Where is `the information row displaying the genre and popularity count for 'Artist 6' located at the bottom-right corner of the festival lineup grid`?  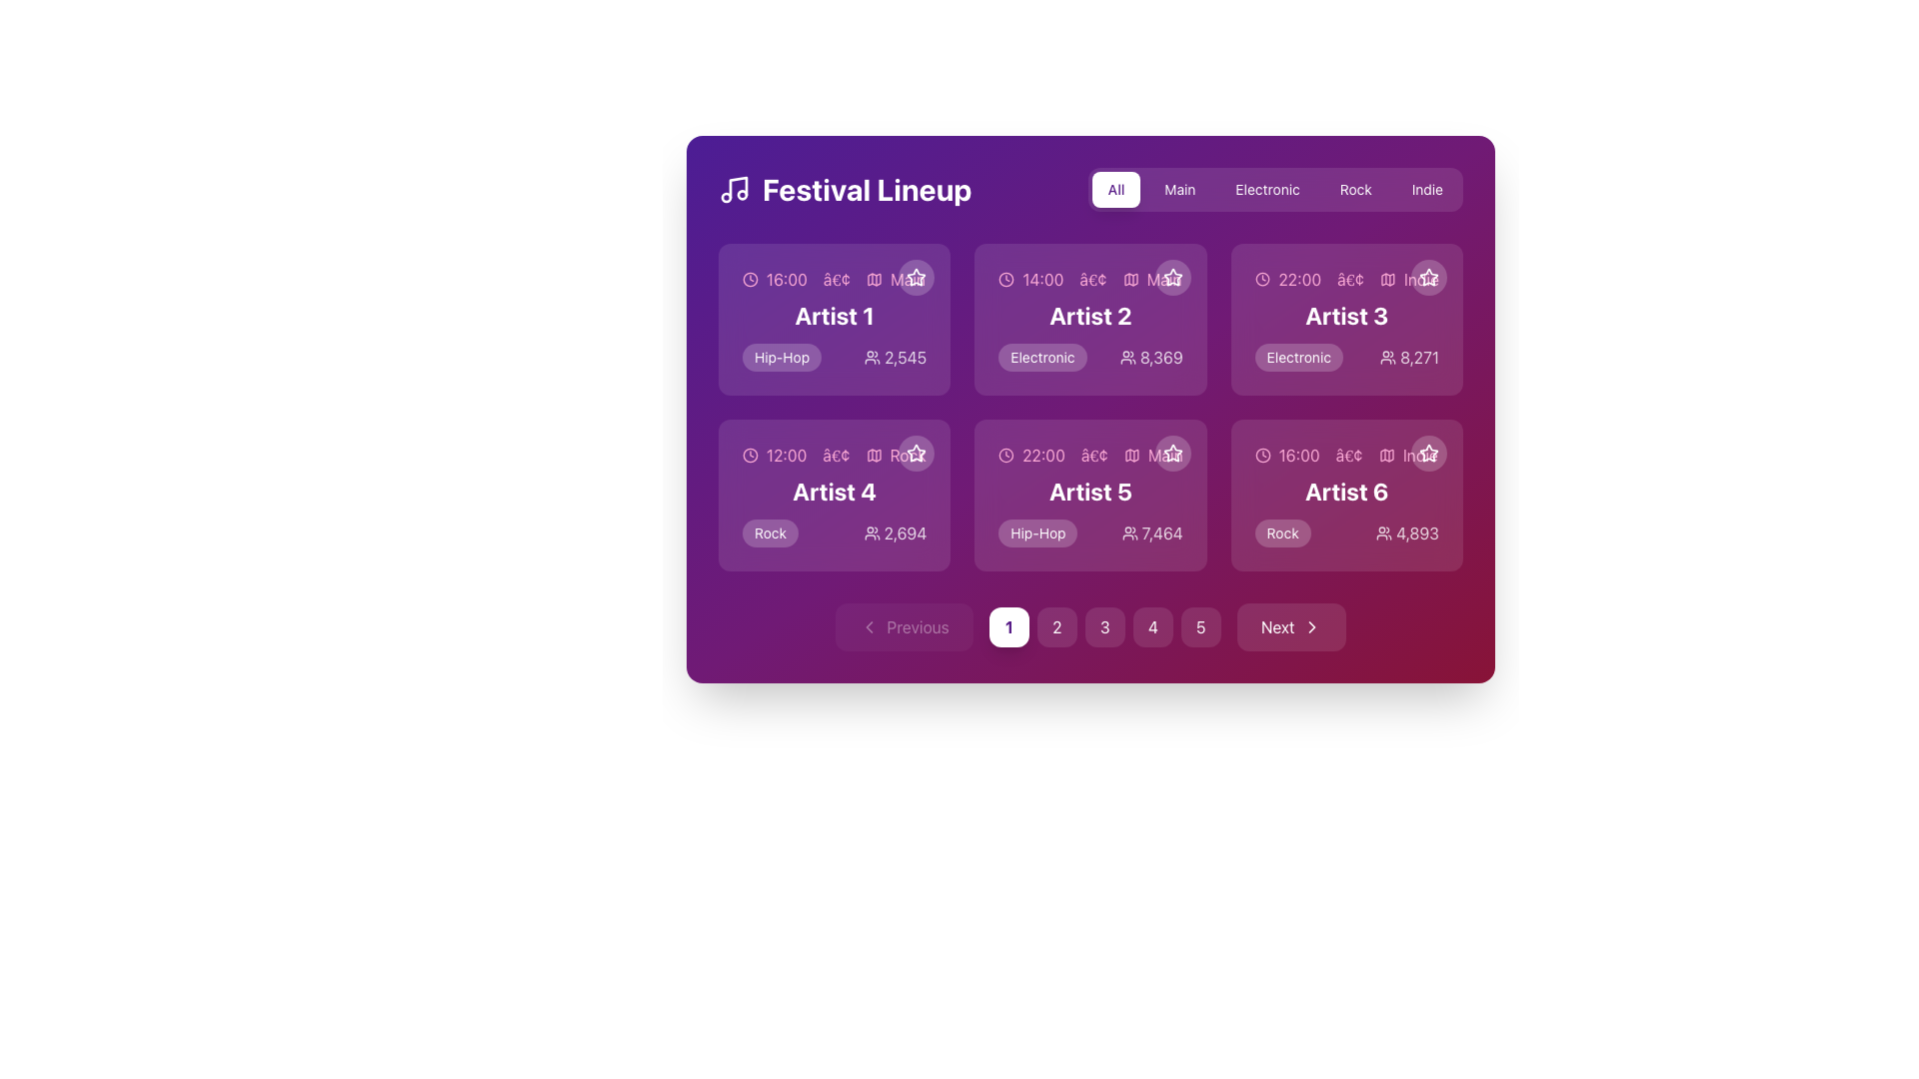
the information row displaying the genre and popularity count for 'Artist 6' located at the bottom-right corner of the festival lineup grid is located at coordinates (1346, 532).